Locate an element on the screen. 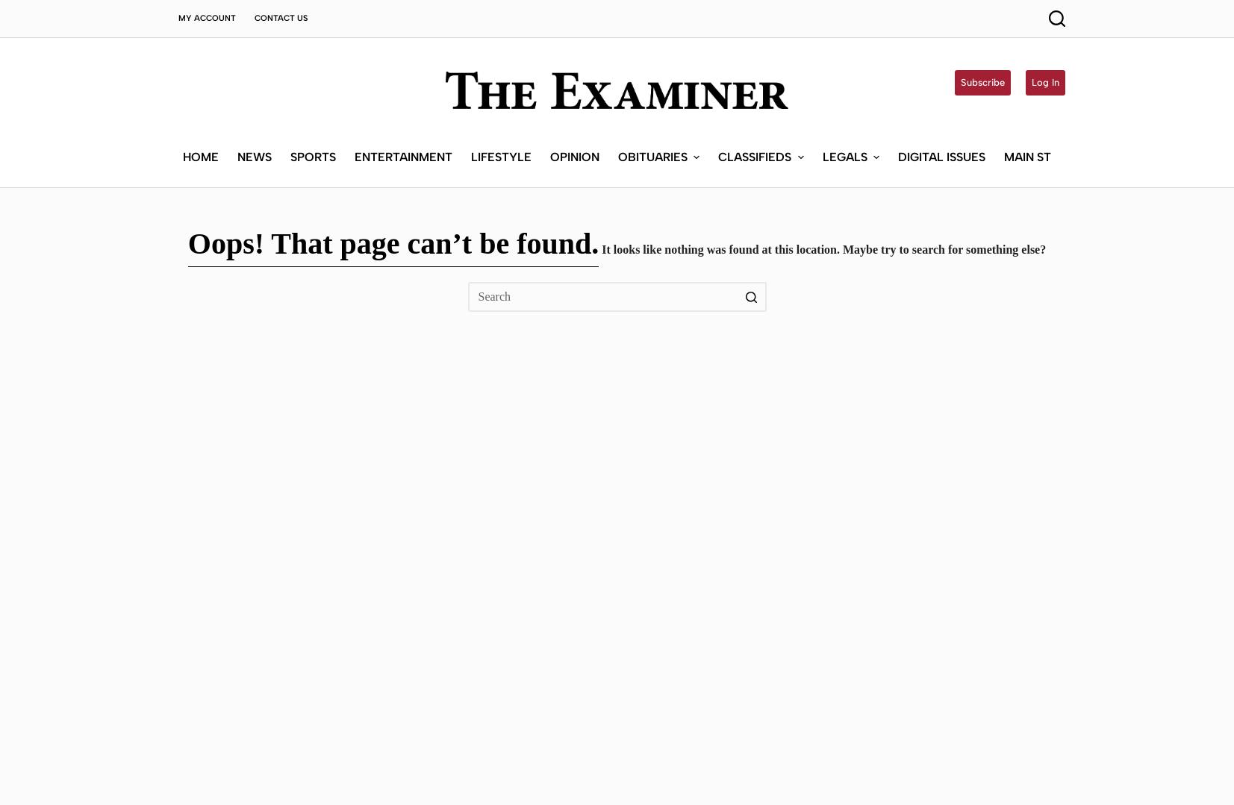 The image size is (1234, 805). 'Home' is located at coordinates (199, 51).